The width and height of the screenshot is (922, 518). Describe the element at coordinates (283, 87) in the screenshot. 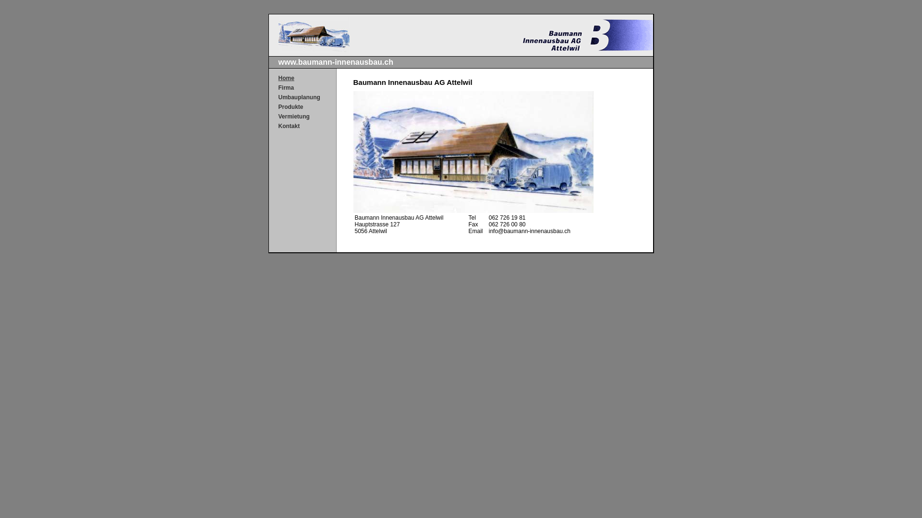

I see `'Firma'` at that location.